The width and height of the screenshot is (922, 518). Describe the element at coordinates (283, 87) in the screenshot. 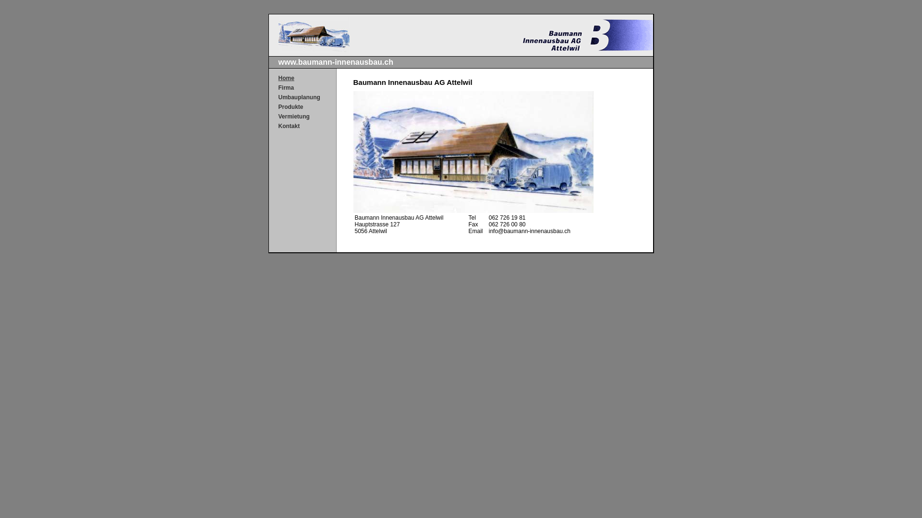

I see `'Firma'` at that location.